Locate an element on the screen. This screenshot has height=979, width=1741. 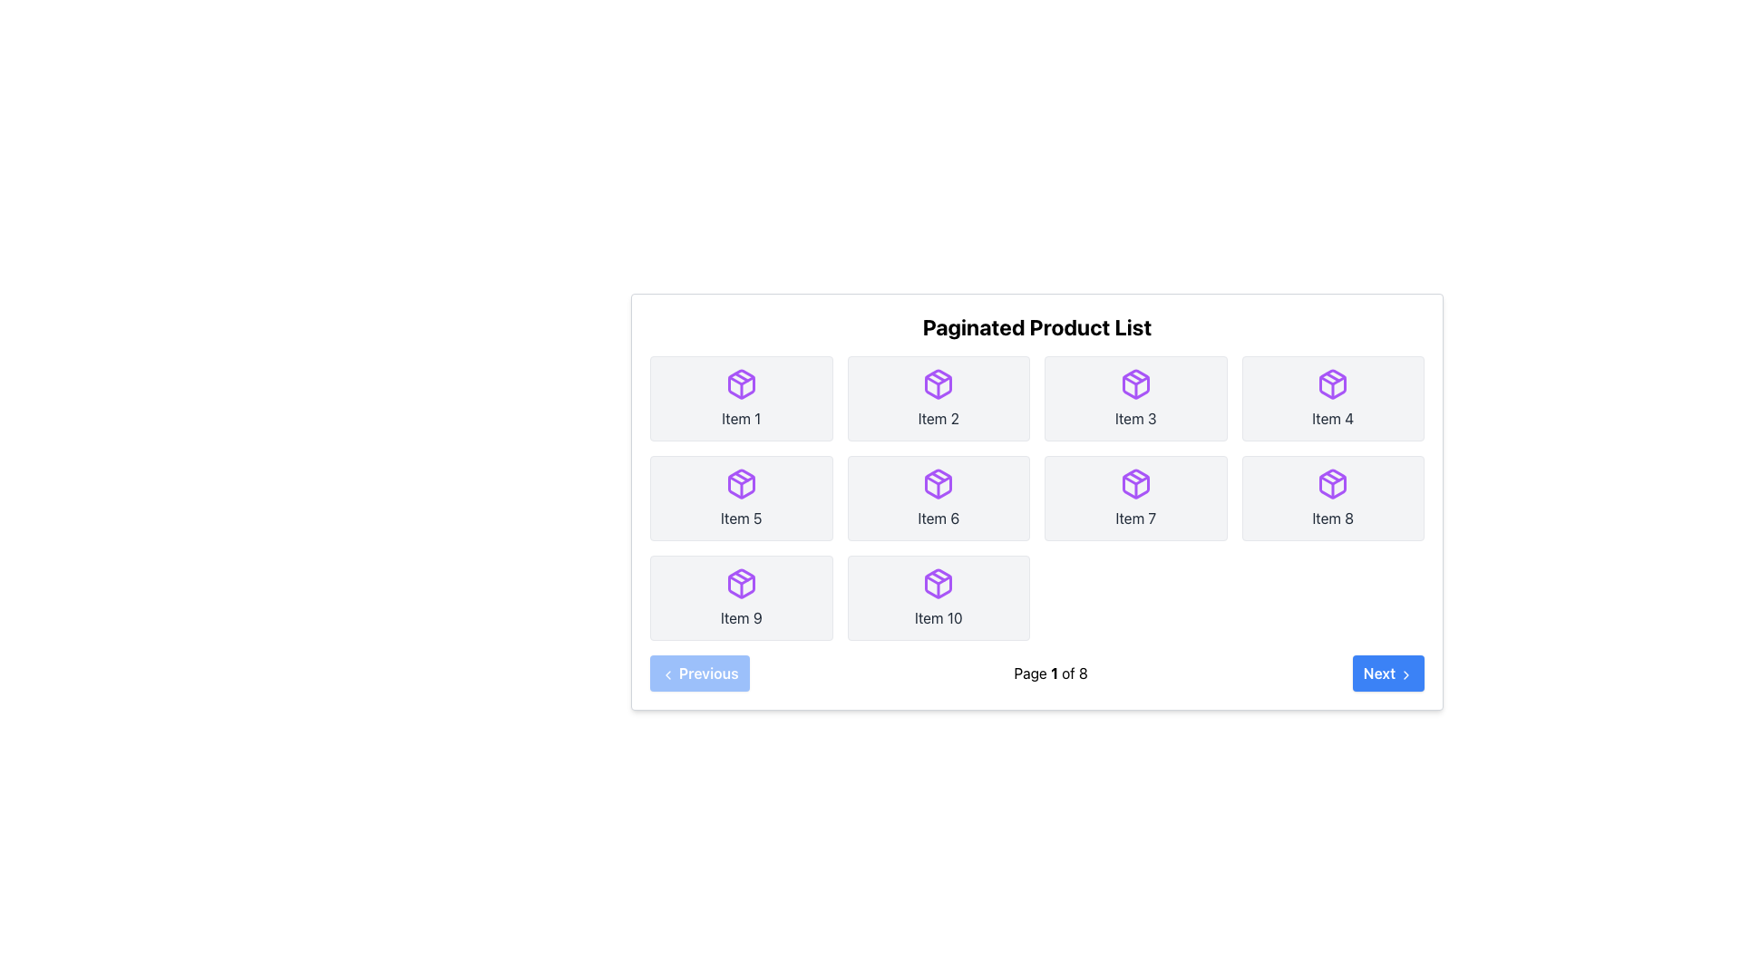
the static text label displaying the current page number and total page count, which is centrally located between the 'Previous' and 'Next' buttons is located at coordinates (1051, 674).